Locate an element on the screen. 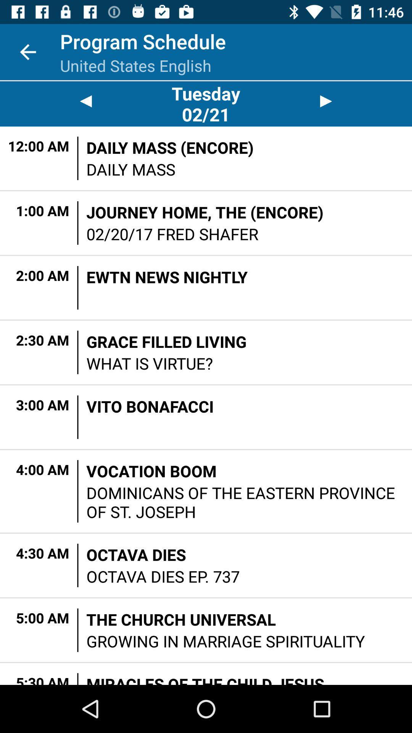  item next to the the church universal is located at coordinates (78, 630).